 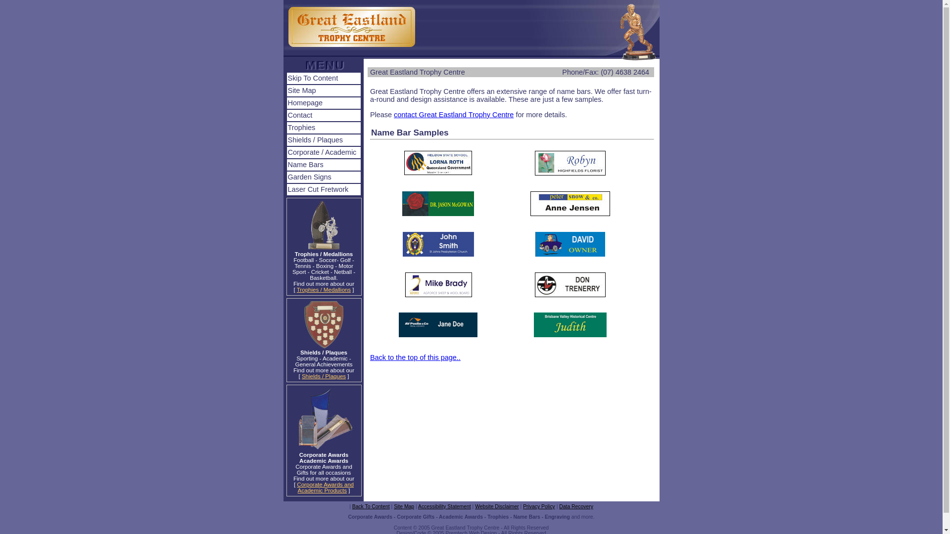 What do you see at coordinates (324, 189) in the screenshot?
I see `'Laser Cut Fretwork'` at bounding box center [324, 189].